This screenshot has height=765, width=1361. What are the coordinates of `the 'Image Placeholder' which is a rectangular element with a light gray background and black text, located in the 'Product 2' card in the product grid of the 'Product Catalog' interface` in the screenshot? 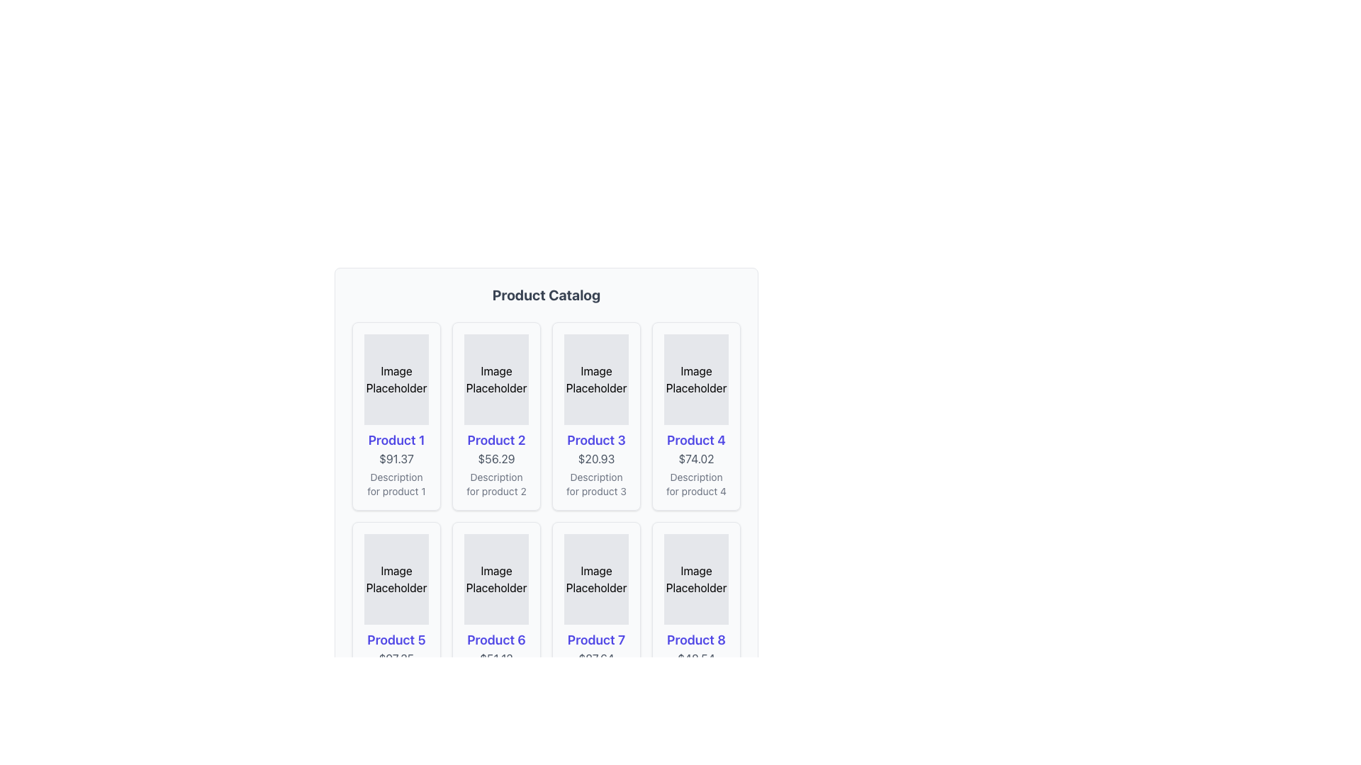 It's located at (496, 379).